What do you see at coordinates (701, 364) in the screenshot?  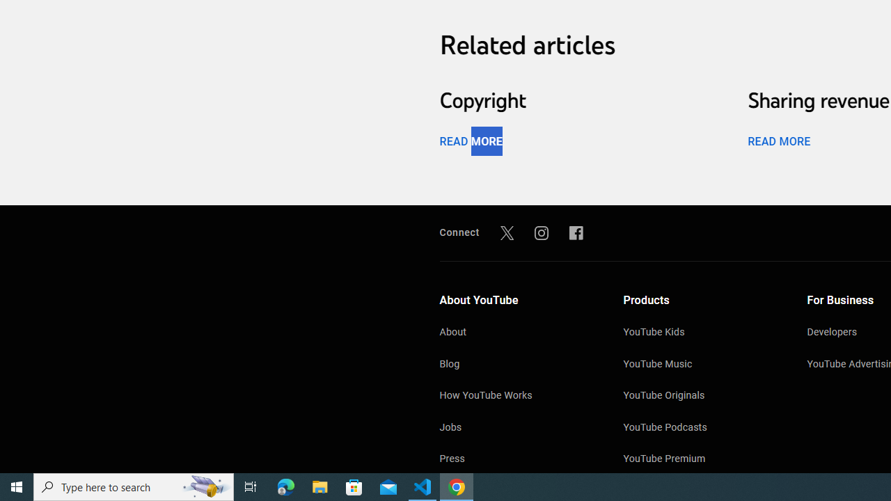 I see `'YouTube Music'` at bounding box center [701, 364].